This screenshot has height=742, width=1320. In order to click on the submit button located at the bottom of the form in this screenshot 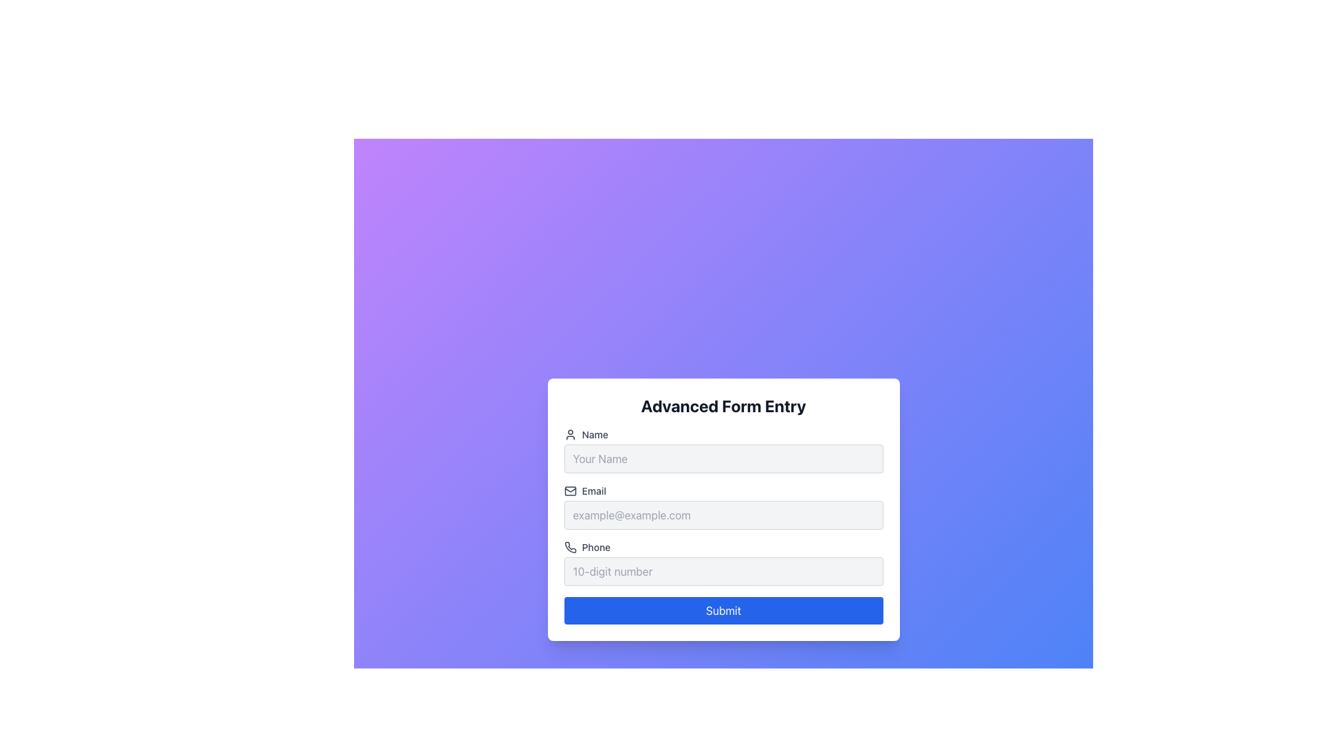, I will do `click(723, 609)`.